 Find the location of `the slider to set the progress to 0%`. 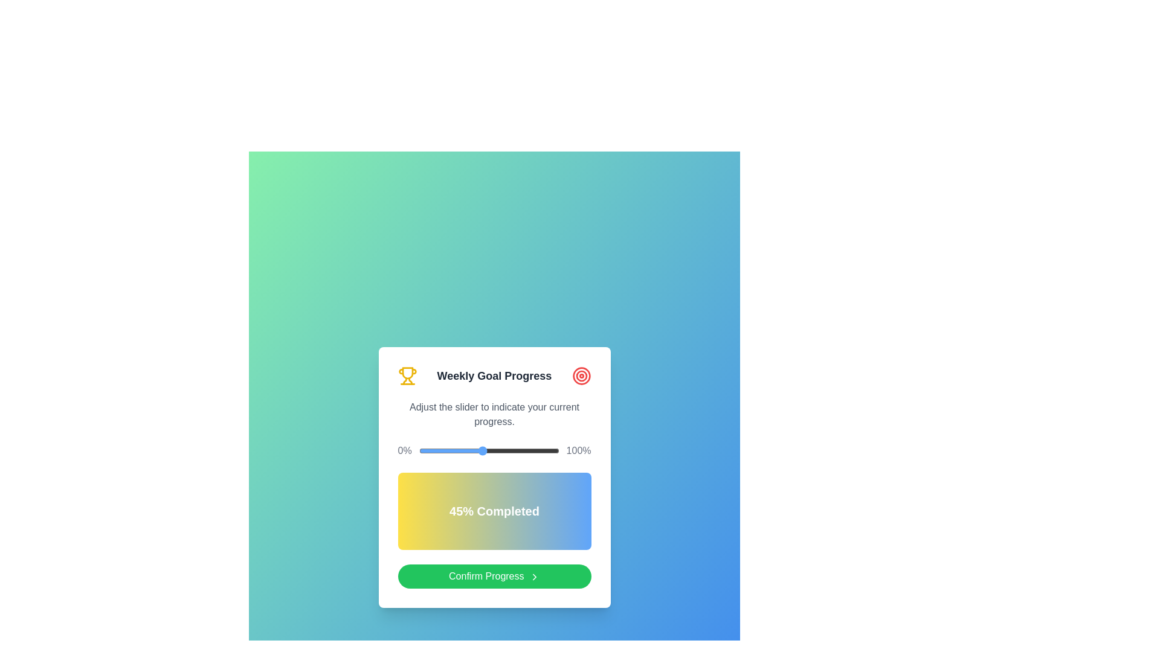

the slider to set the progress to 0% is located at coordinates (419, 451).